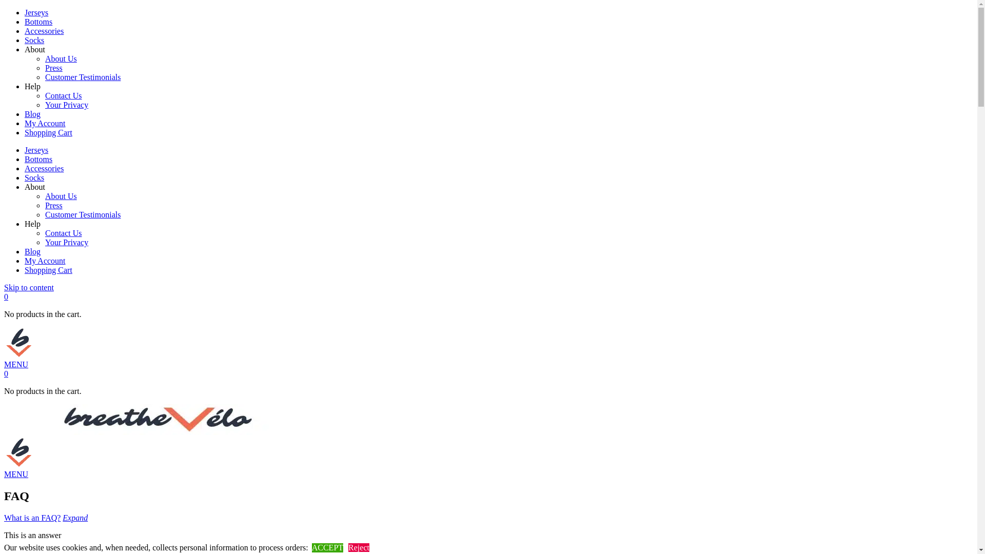 This screenshot has width=985, height=554. Describe the element at coordinates (6, 296) in the screenshot. I see `'0'` at that location.